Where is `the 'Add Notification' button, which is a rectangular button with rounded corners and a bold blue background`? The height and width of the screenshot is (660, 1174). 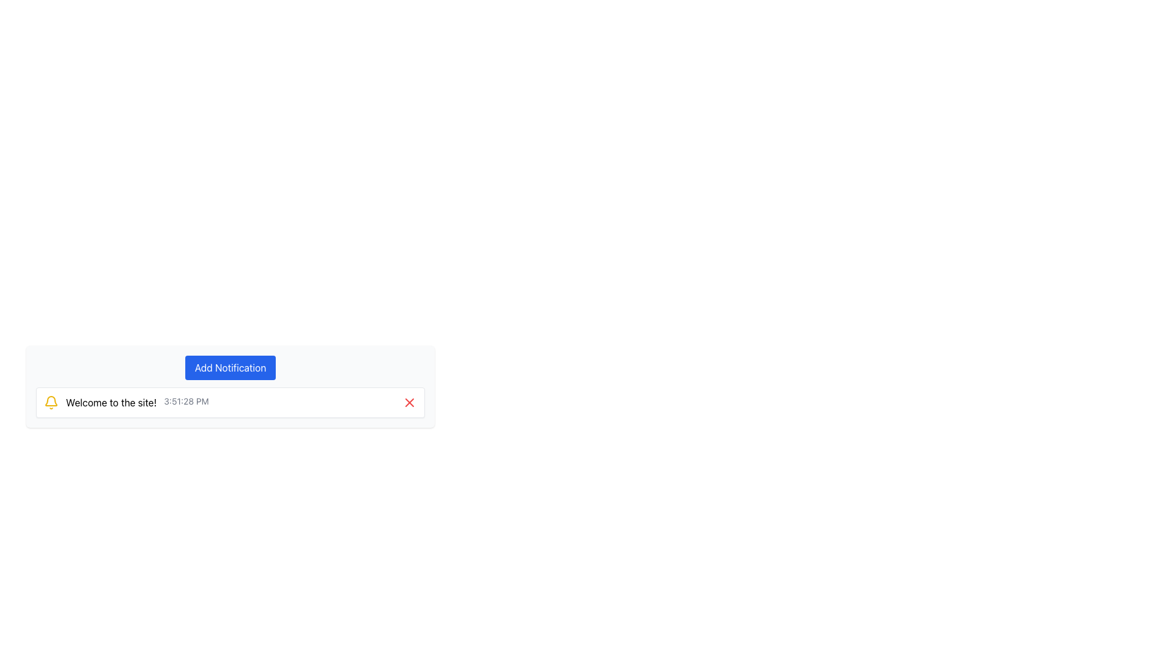 the 'Add Notification' button, which is a rectangular button with rounded corners and a bold blue background is located at coordinates (230, 367).